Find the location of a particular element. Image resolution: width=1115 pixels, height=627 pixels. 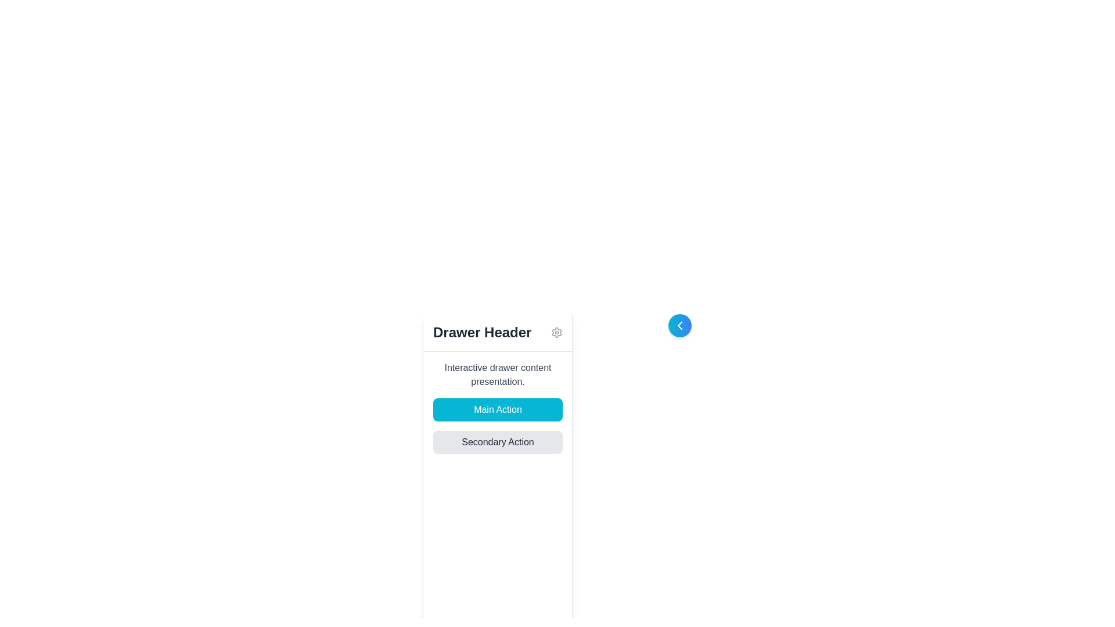

the navigation button with a leftward-pointing chevron icon is located at coordinates (679, 325).